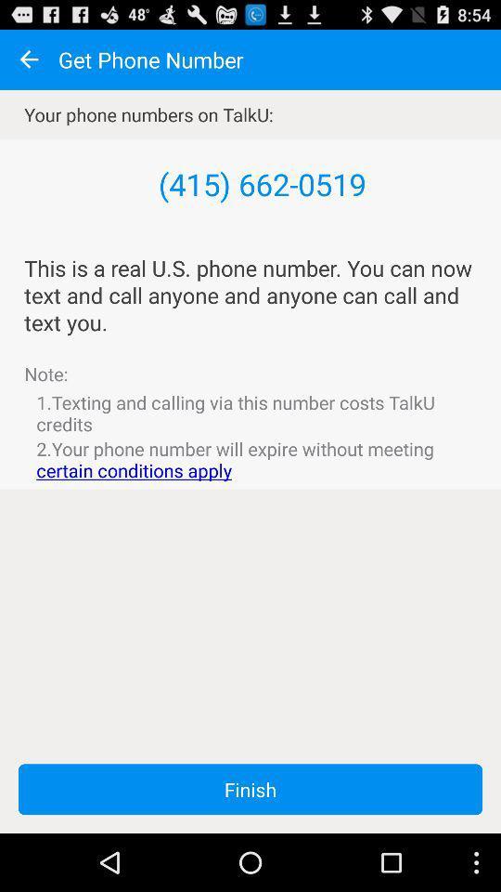 Image resolution: width=501 pixels, height=892 pixels. Describe the element at coordinates (250, 788) in the screenshot. I see `finish icon` at that location.